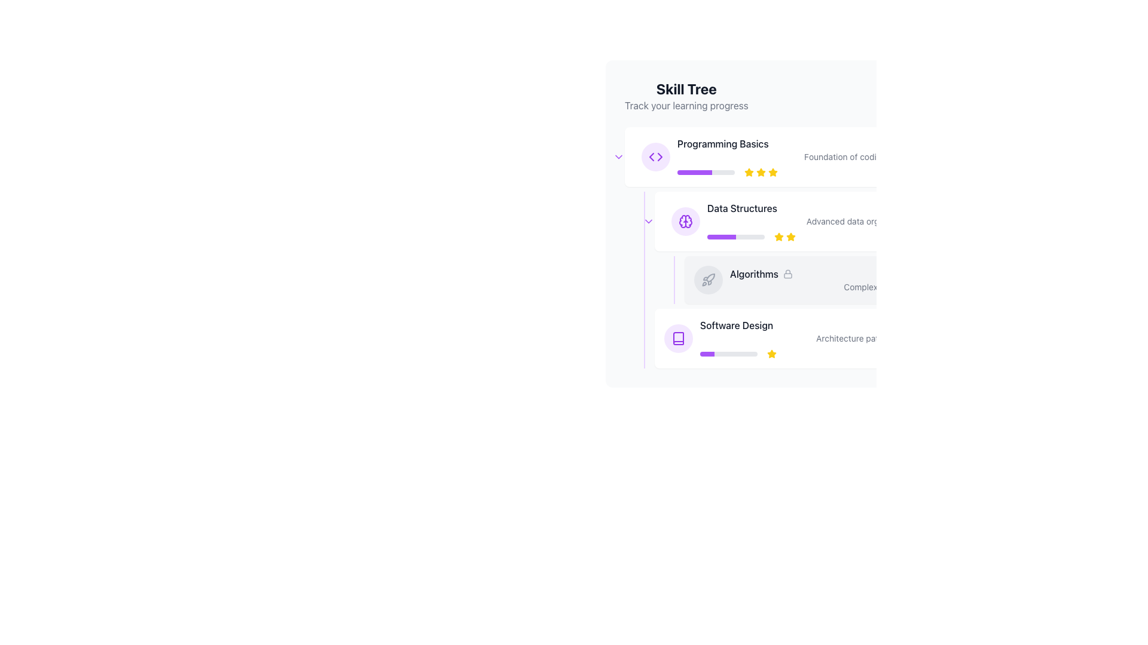 Image resolution: width=1148 pixels, height=645 pixels. Describe the element at coordinates (710, 278) in the screenshot. I see `the rocket icon component, which visually represents progress or launch actions and is located near the 'Algorithms' section of the interface` at that location.